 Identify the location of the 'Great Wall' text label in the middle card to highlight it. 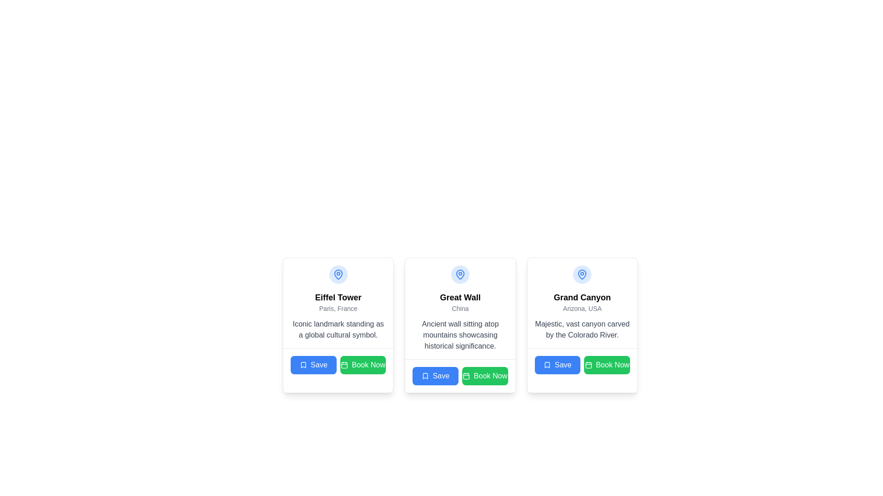
(459, 298).